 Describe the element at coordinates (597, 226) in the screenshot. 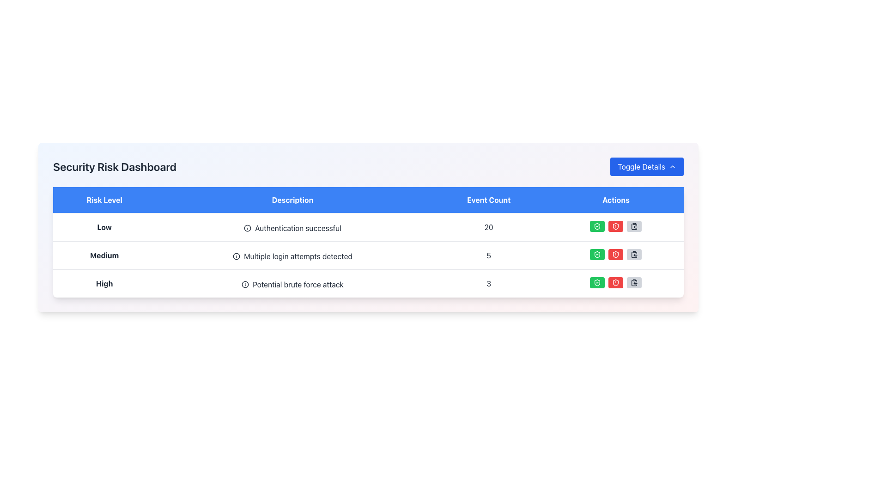

I see `the first button in the 'Actions' column of the data table to approve or confirm the item in the row` at that location.